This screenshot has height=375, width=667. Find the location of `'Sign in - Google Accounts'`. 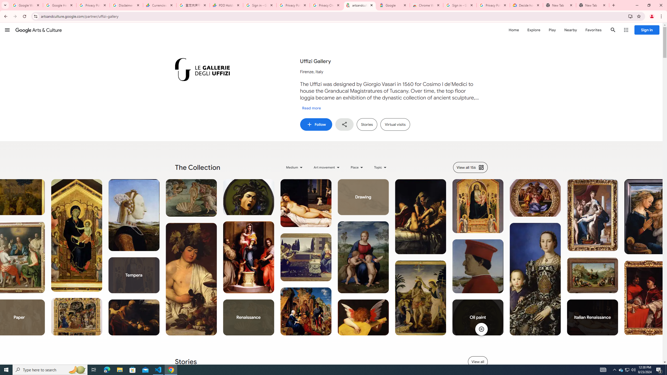

'Sign in - Google Accounts' is located at coordinates (460, 5).